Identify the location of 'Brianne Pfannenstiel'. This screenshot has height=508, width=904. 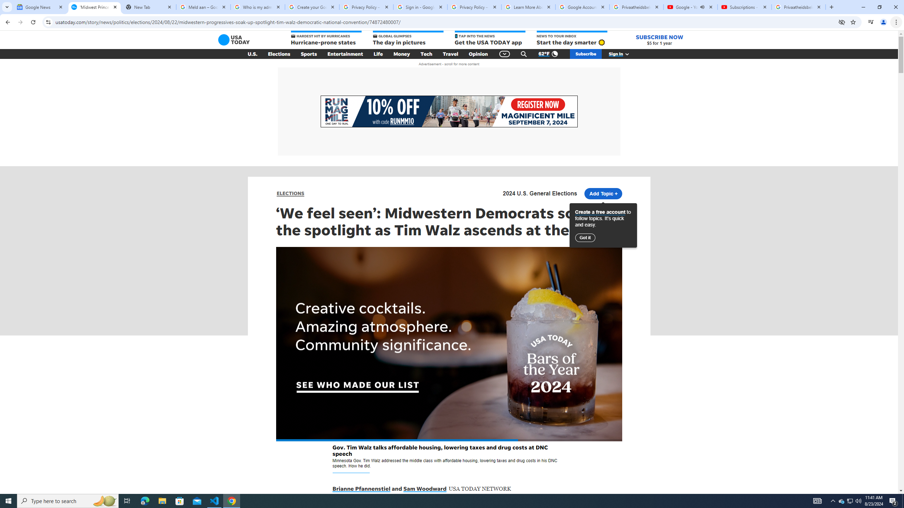
(361, 489).